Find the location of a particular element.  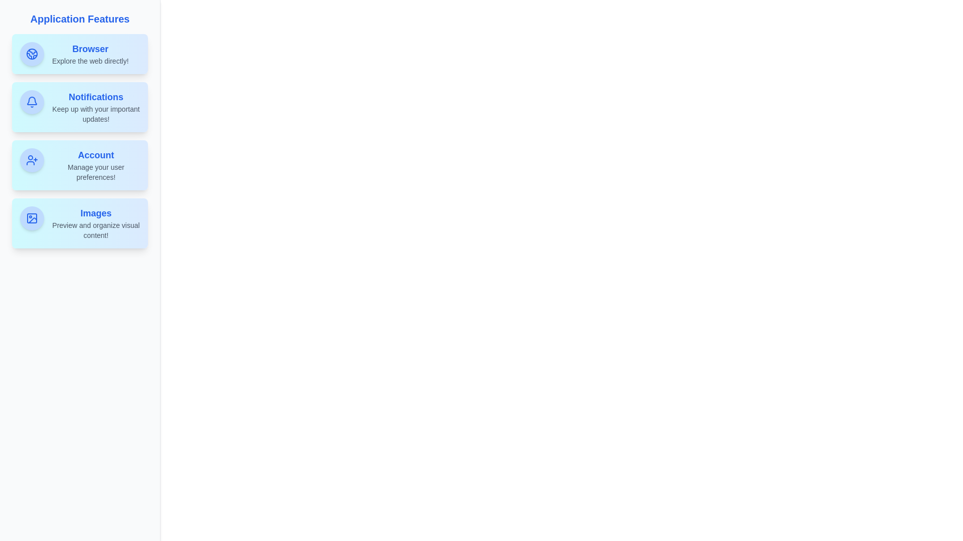

the Images feature tile to view its hover effect is located at coordinates (79, 223).